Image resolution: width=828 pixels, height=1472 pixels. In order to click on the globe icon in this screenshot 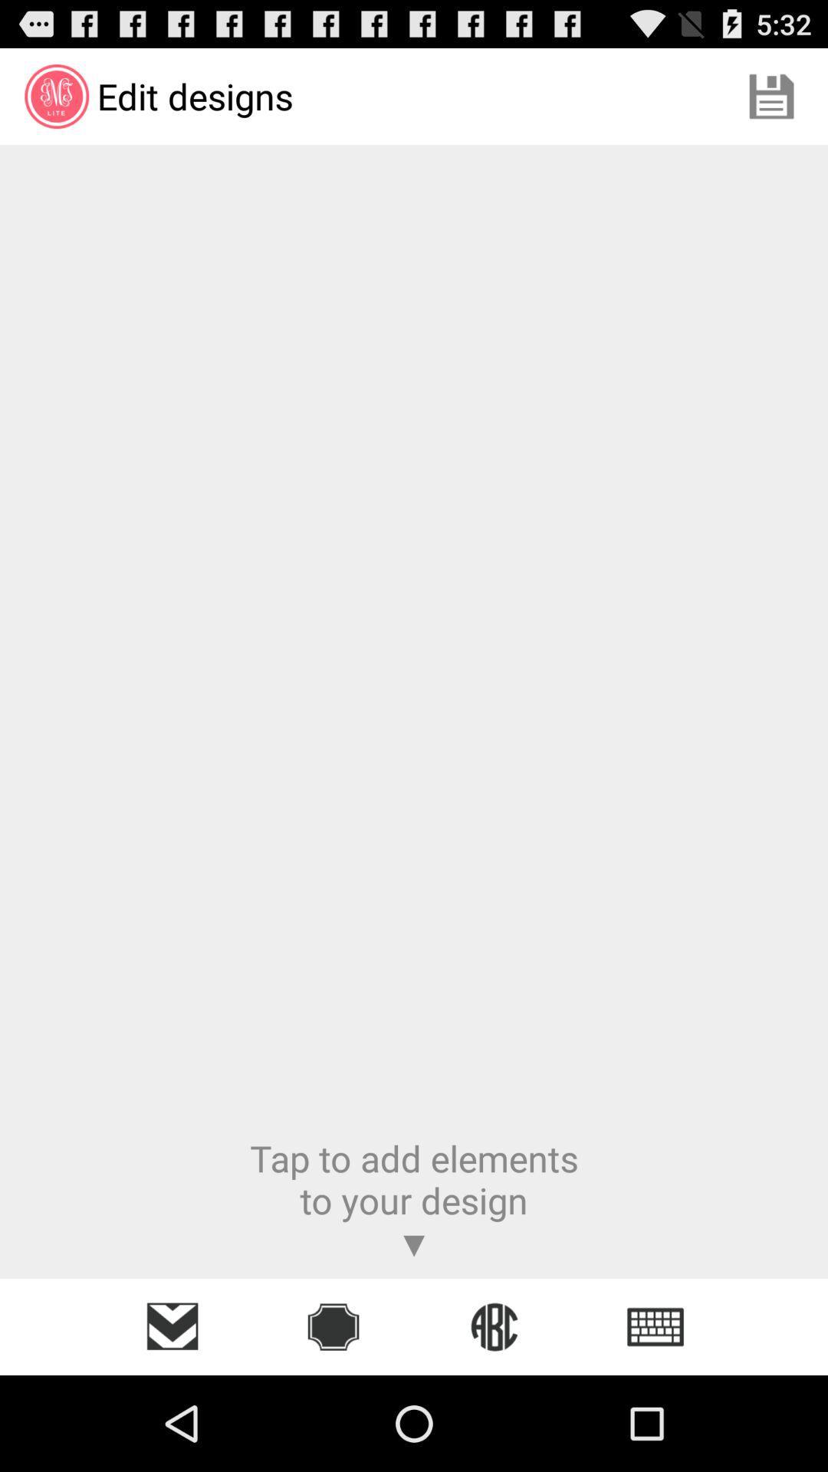, I will do `click(494, 1326)`.